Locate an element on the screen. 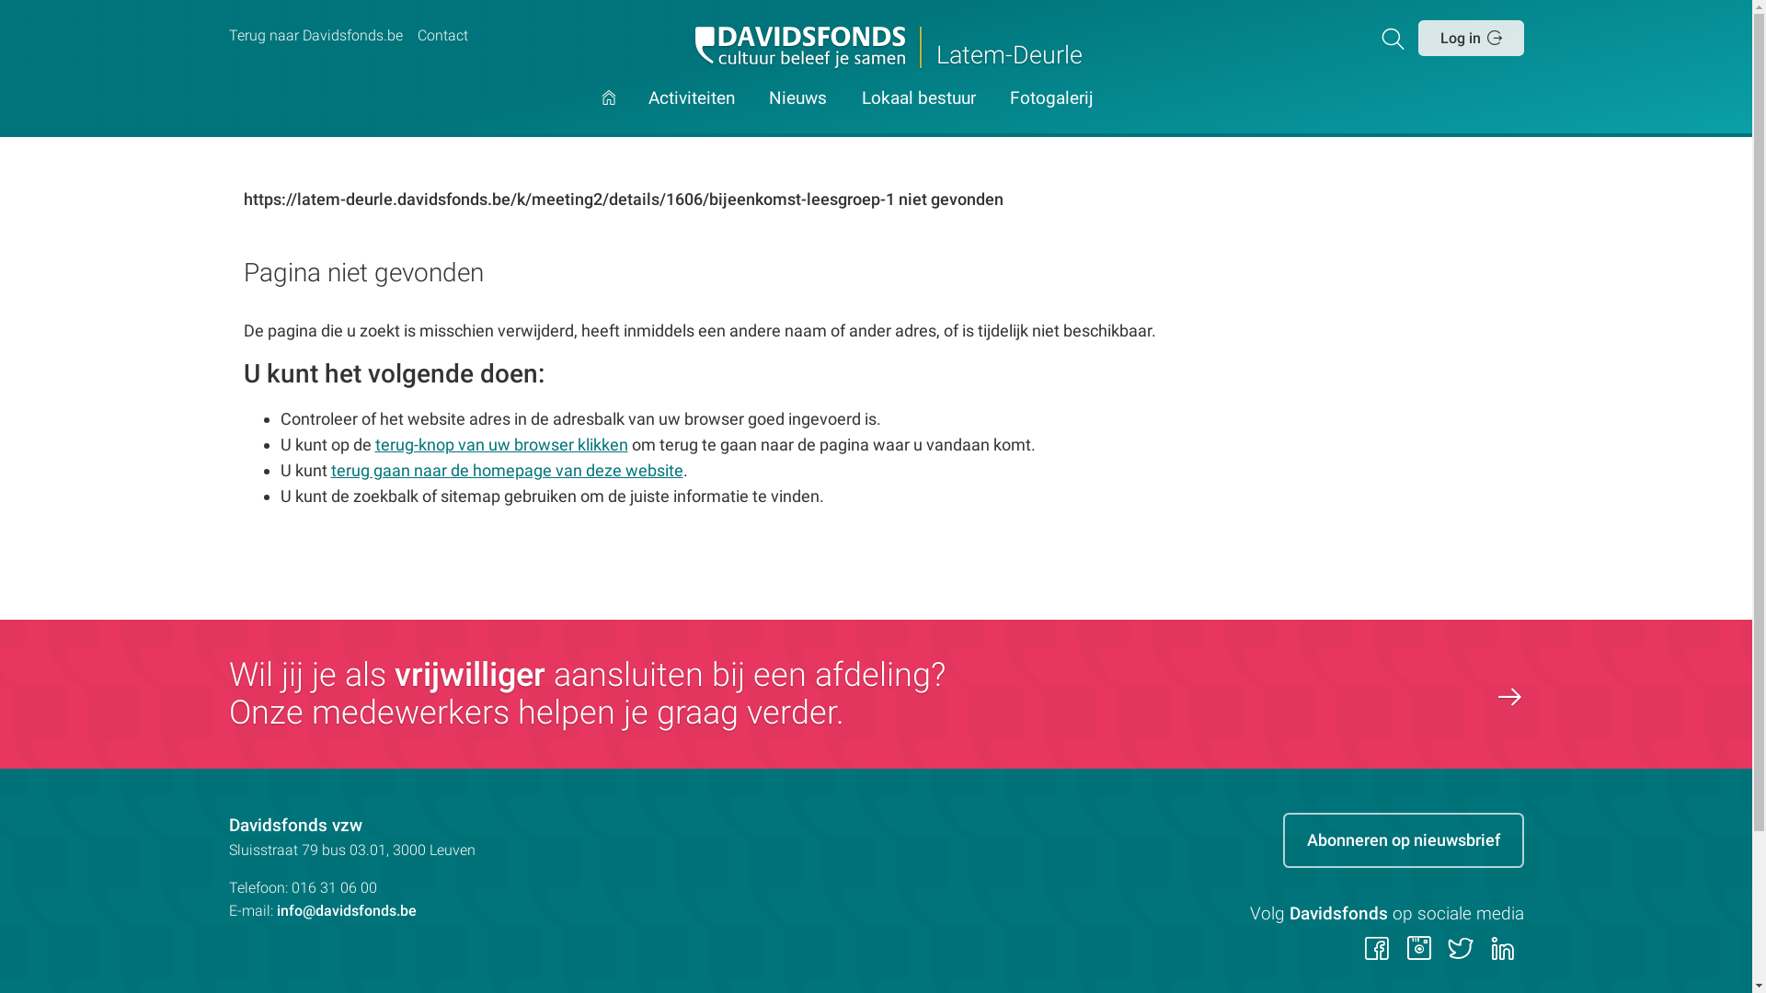  'Fotogalerij' is located at coordinates (1051, 113).